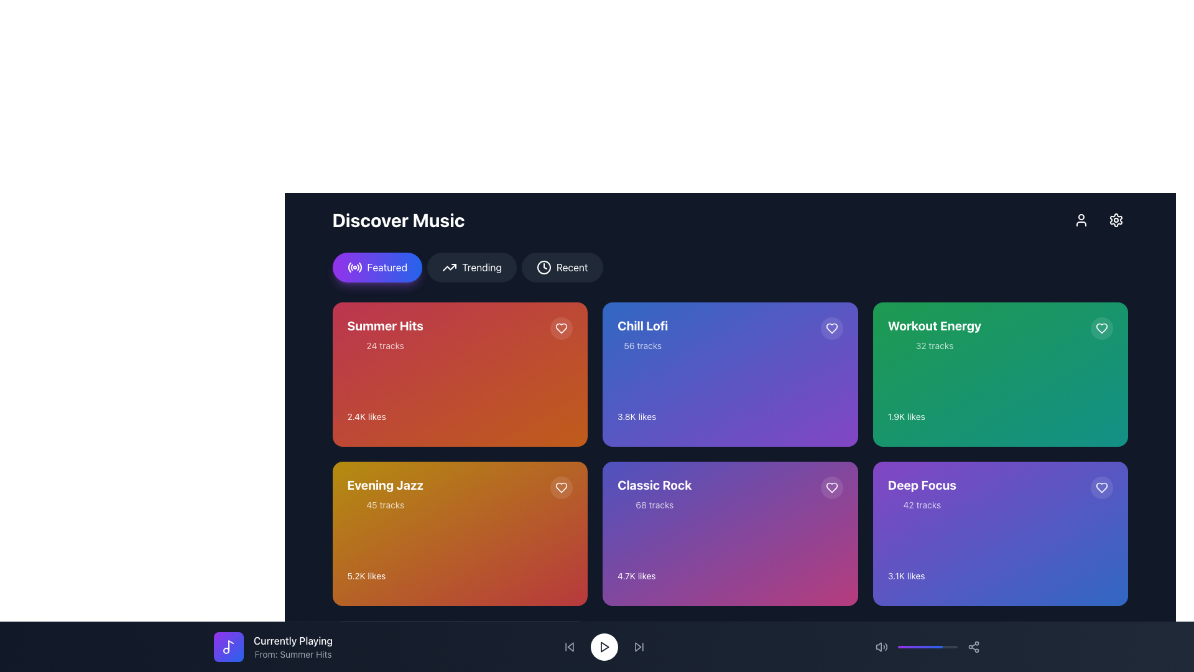 This screenshot has width=1194, height=672. What do you see at coordinates (366, 417) in the screenshot?
I see `the text label displaying '2.4K likes' styled in a sans-serif font against a red rectangle background, located within the 'Summer Hits' card` at bounding box center [366, 417].